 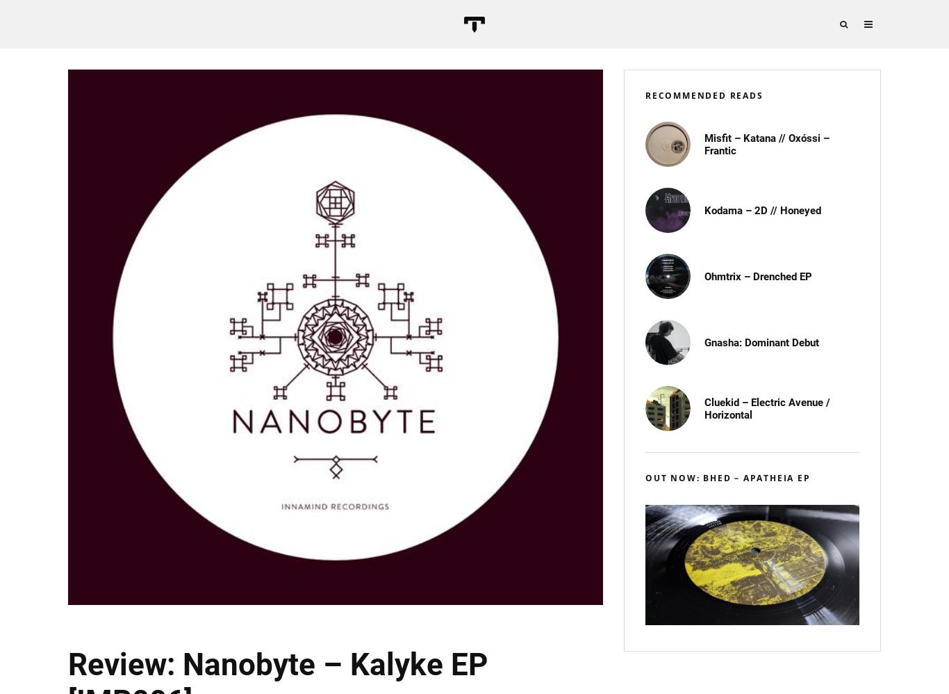 I want to click on 'REVIEWS', so click(x=907, y=149).